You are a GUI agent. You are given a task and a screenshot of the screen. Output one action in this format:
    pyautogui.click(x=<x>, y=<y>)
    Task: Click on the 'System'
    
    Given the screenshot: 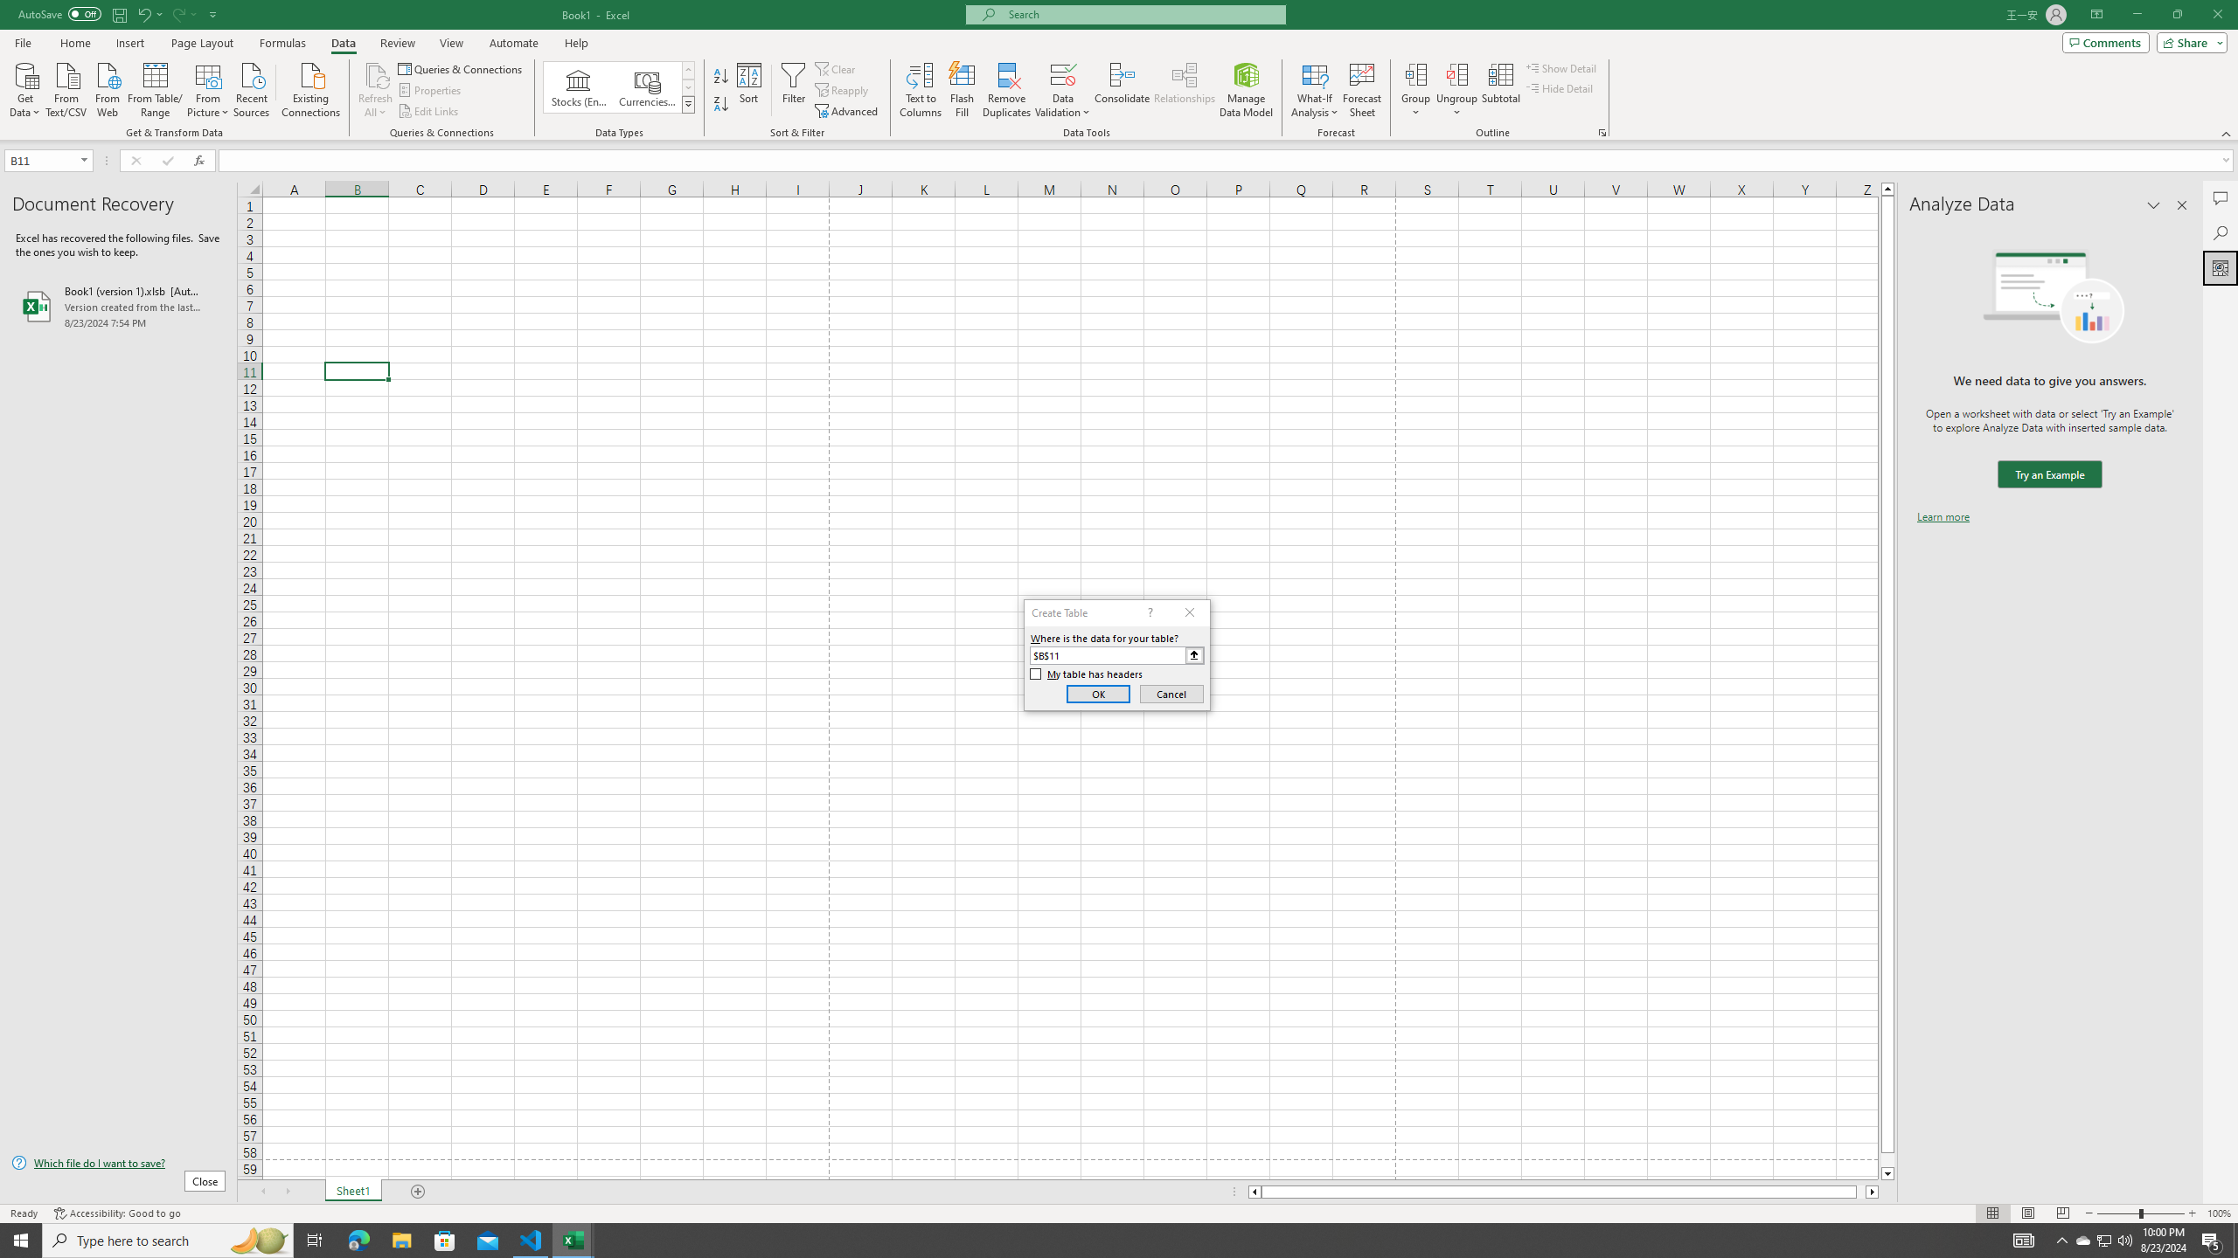 What is the action you would take?
    pyautogui.click(x=10, y=8)
    